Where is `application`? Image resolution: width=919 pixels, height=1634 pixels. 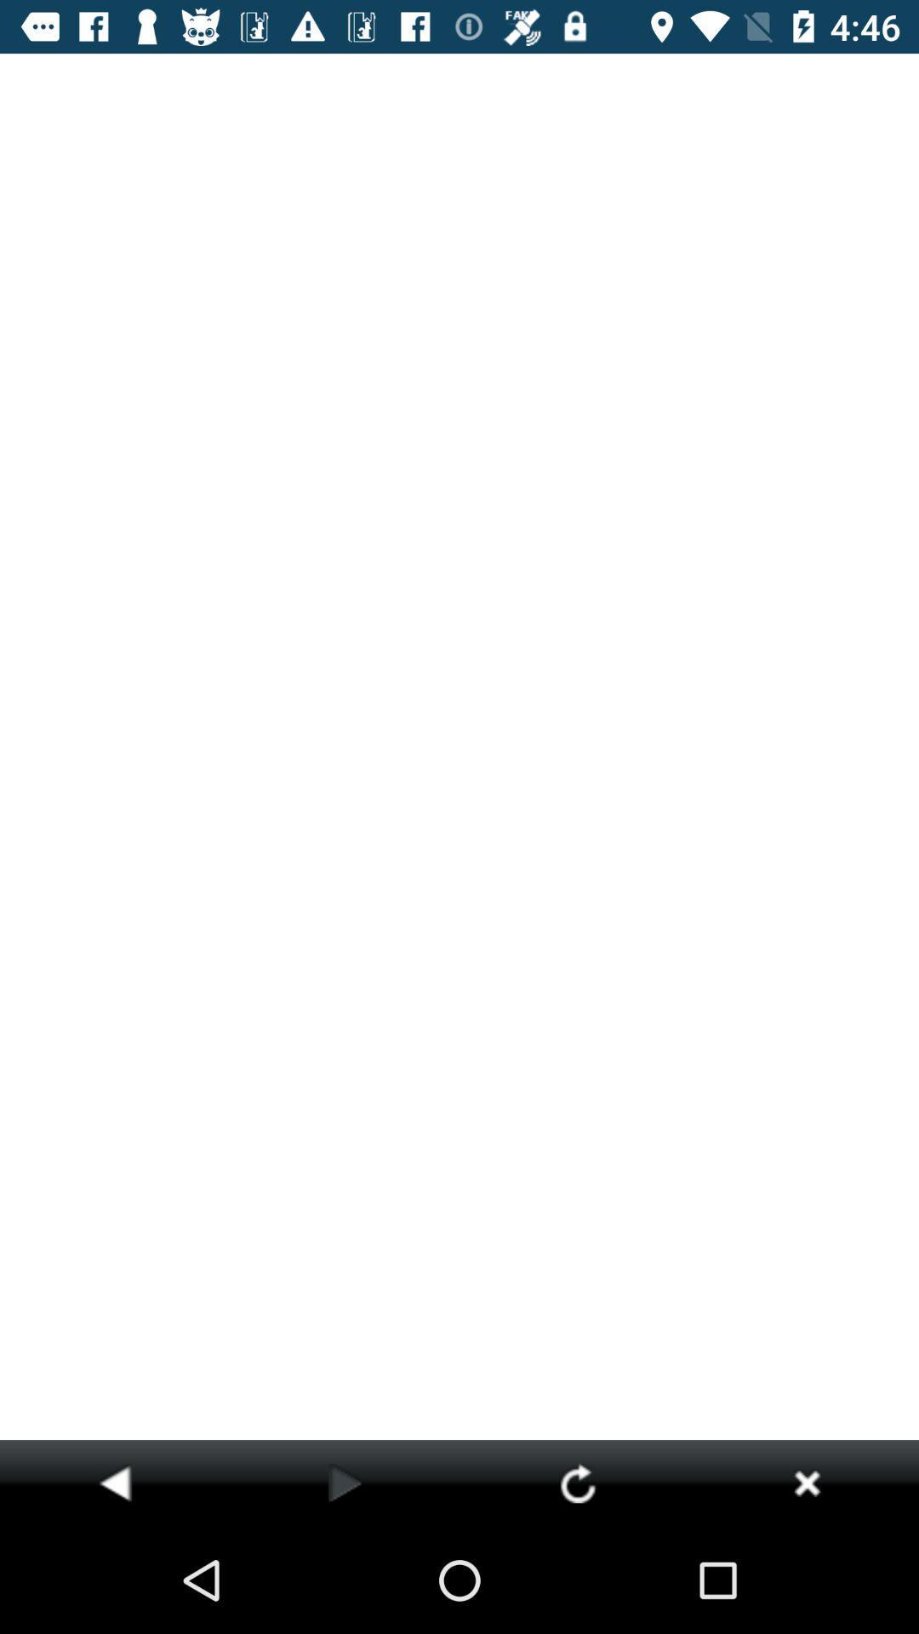
application is located at coordinates (806, 1482).